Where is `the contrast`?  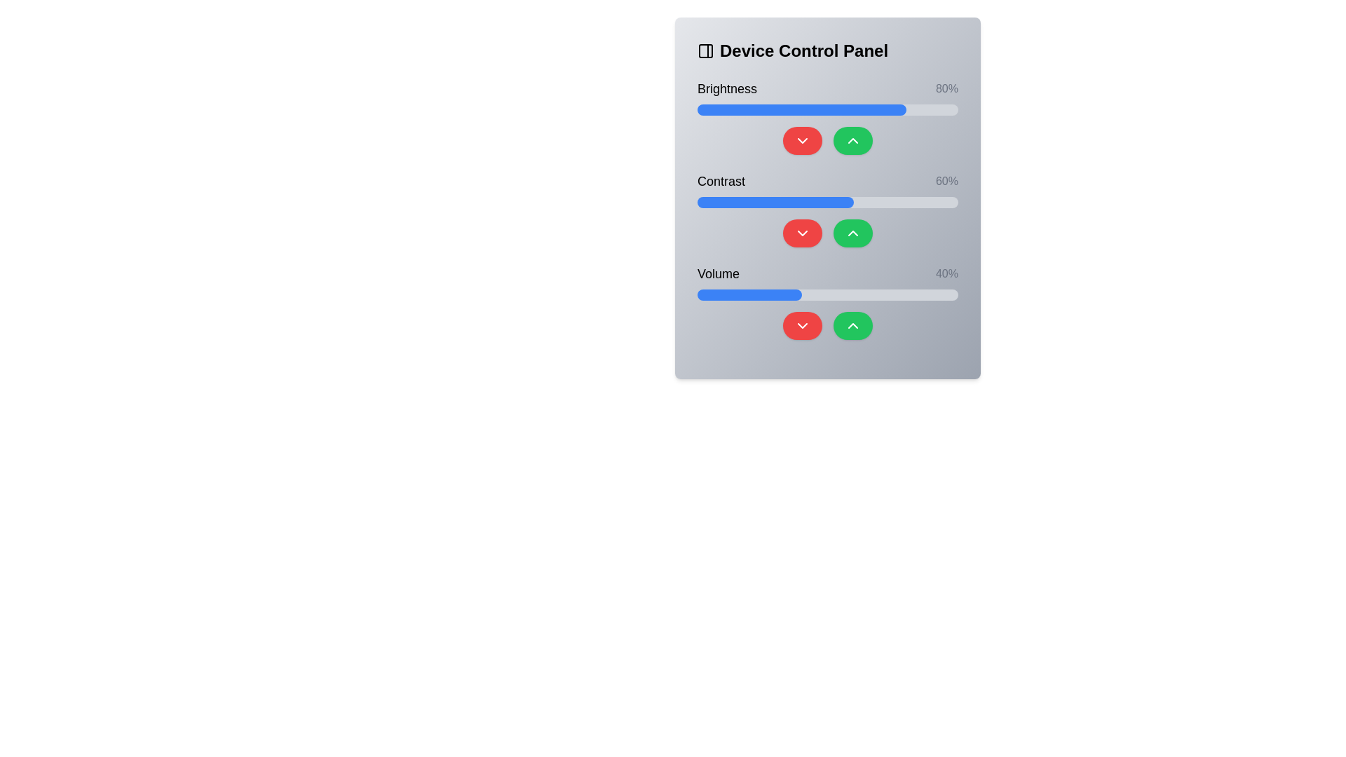
the contrast is located at coordinates (916, 203).